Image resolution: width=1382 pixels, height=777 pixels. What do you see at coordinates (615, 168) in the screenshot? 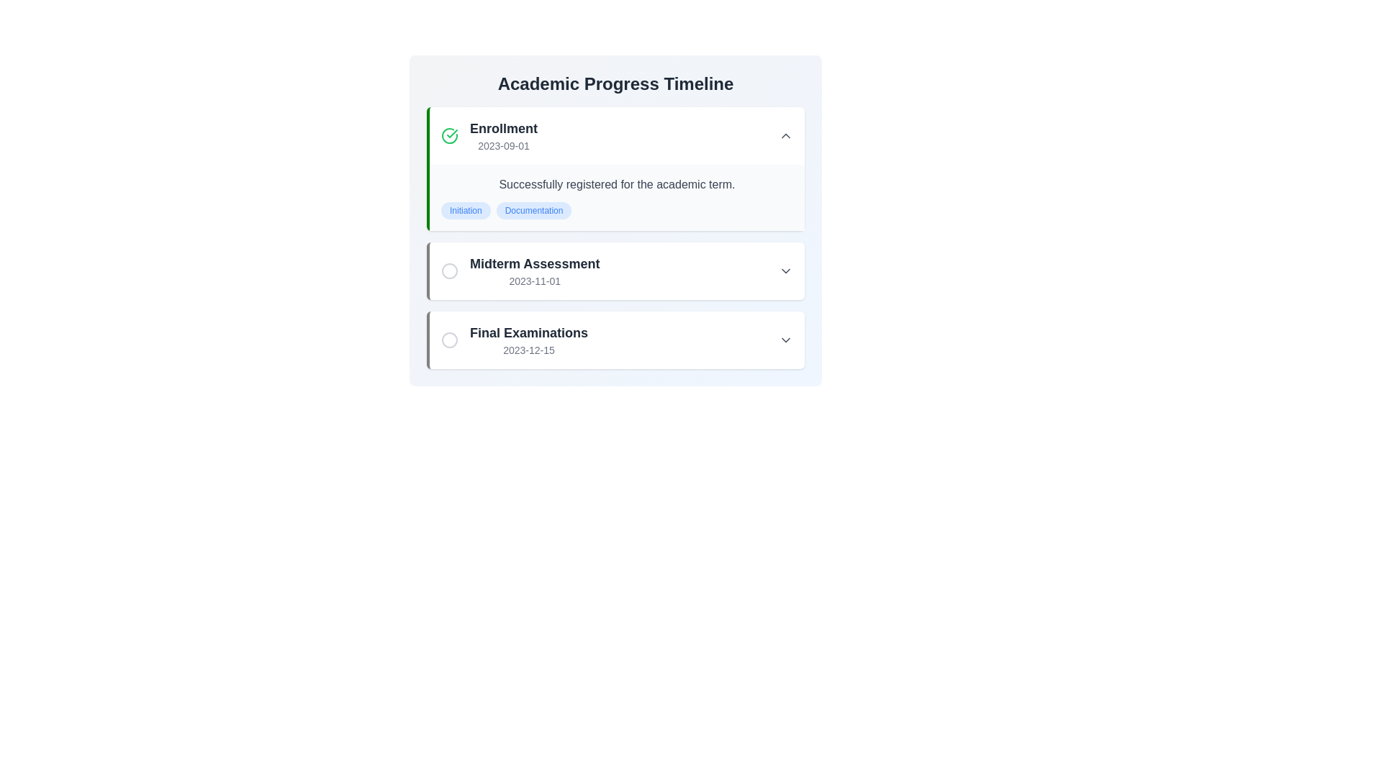
I see `the first styled card in the timeline or status list` at bounding box center [615, 168].